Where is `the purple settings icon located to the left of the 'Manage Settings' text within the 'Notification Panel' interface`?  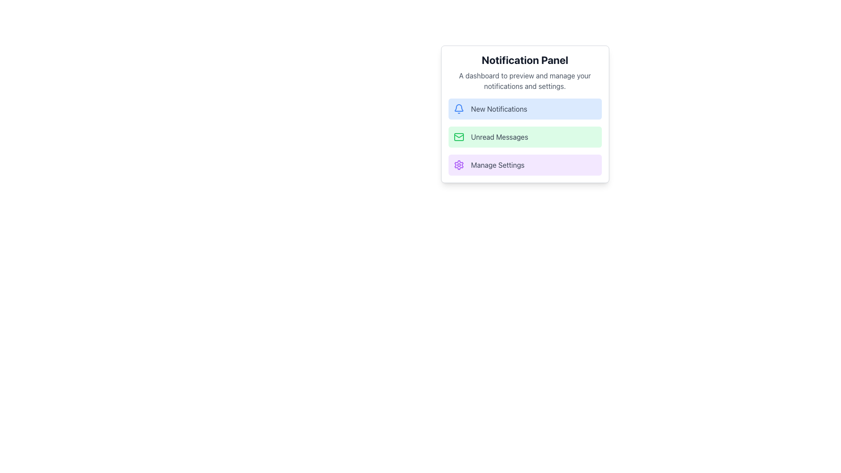
the purple settings icon located to the left of the 'Manage Settings' text within the 'Notification Panel' interface is located at coordinates (458, 165).